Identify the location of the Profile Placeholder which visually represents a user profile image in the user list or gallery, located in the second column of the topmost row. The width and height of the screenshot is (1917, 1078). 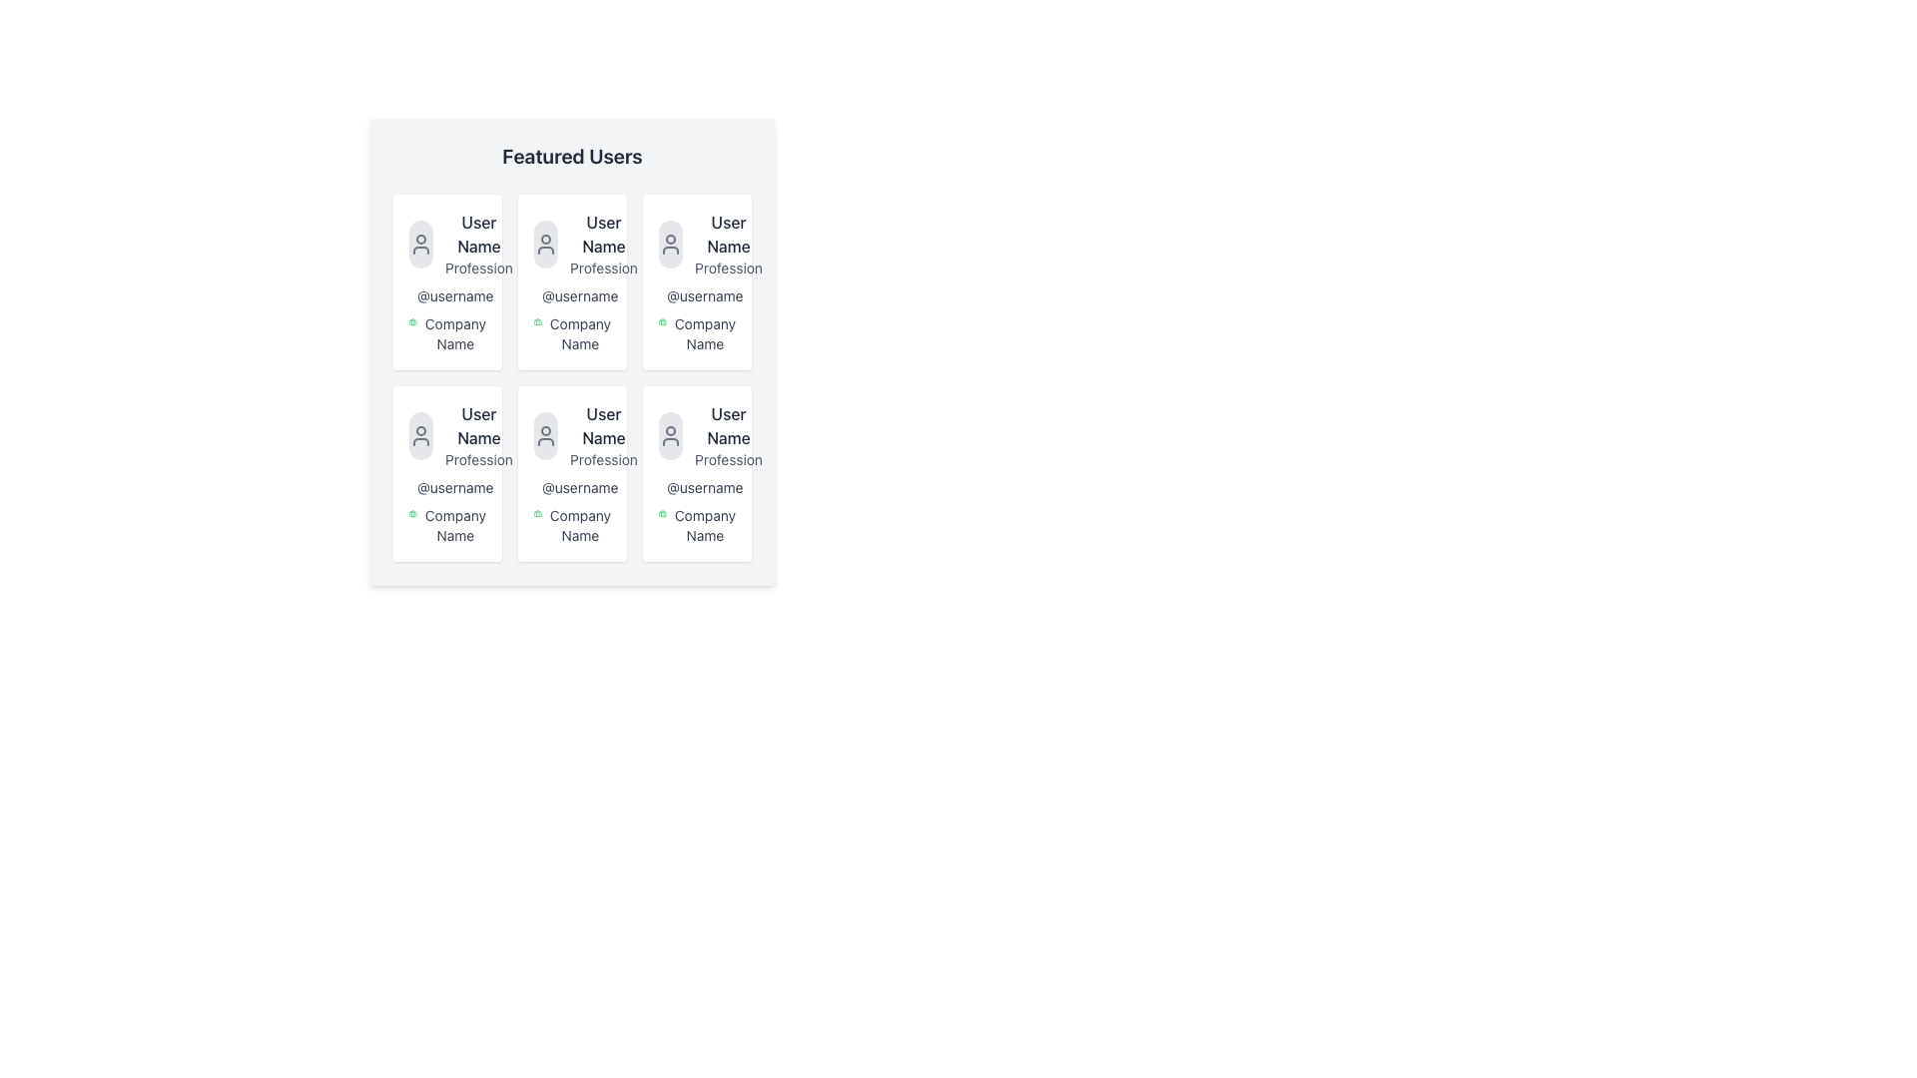
(546, 244).